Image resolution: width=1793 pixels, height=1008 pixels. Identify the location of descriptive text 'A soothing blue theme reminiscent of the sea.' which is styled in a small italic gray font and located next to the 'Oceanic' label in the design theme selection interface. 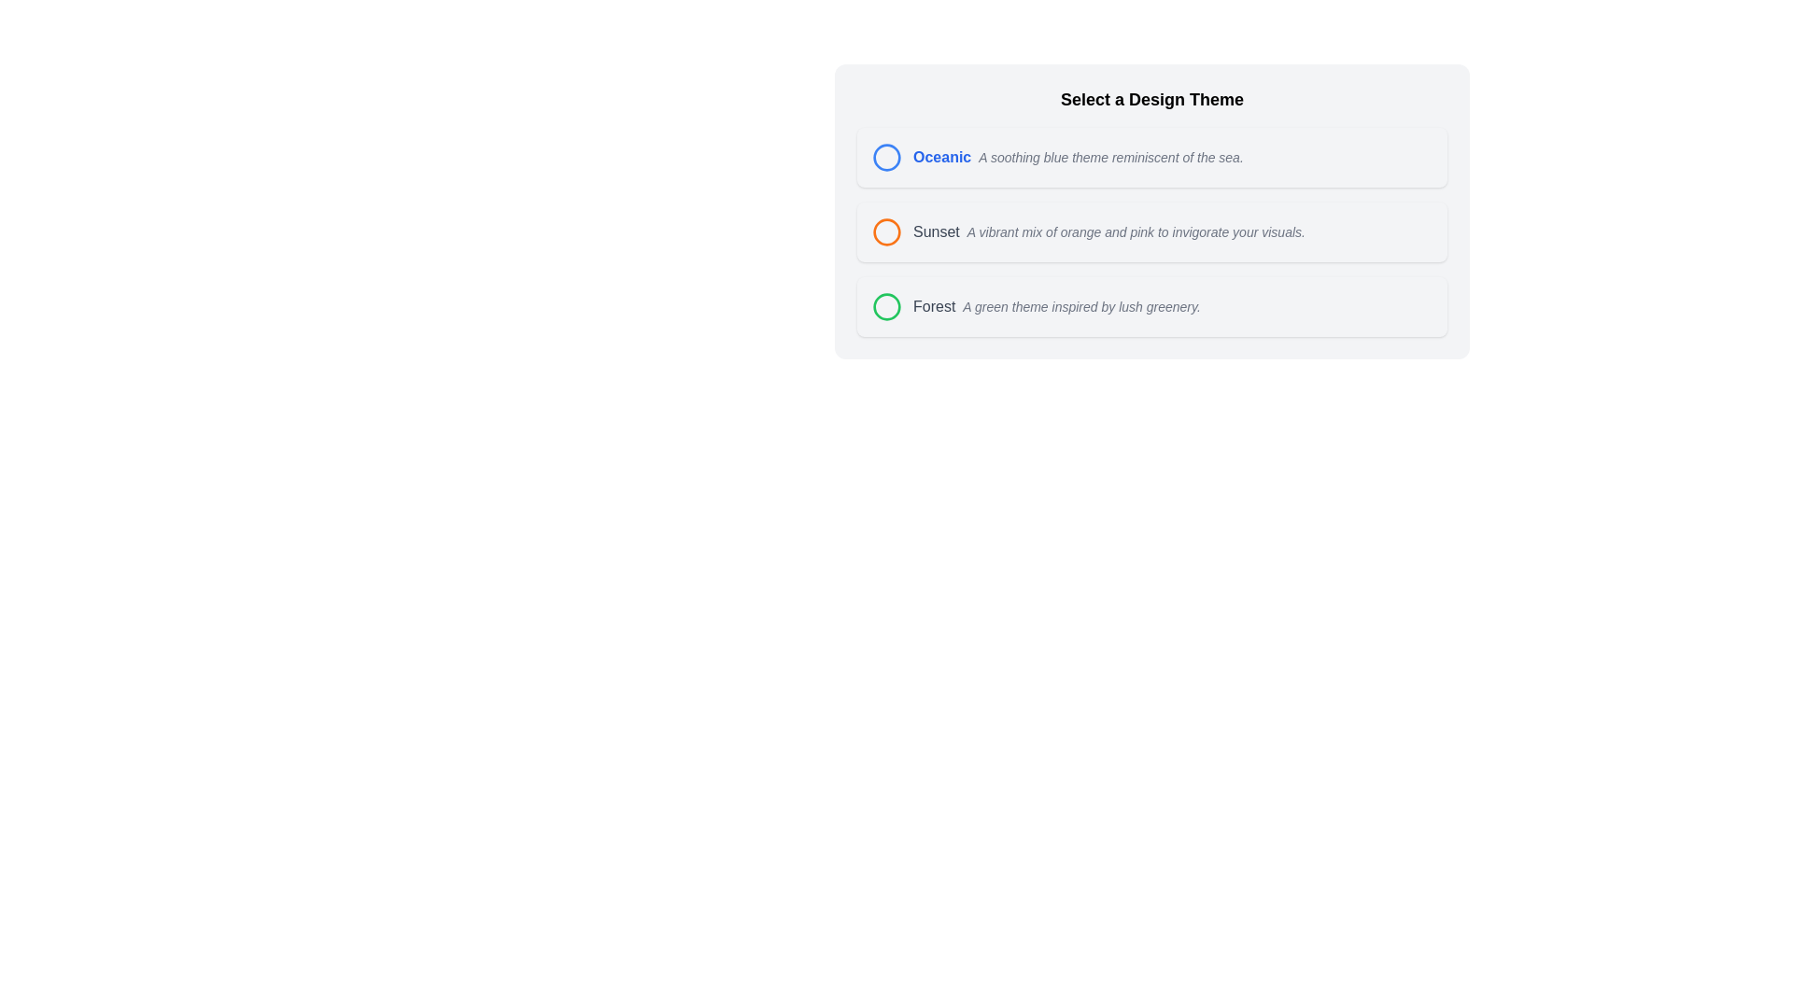
(1111, 157).